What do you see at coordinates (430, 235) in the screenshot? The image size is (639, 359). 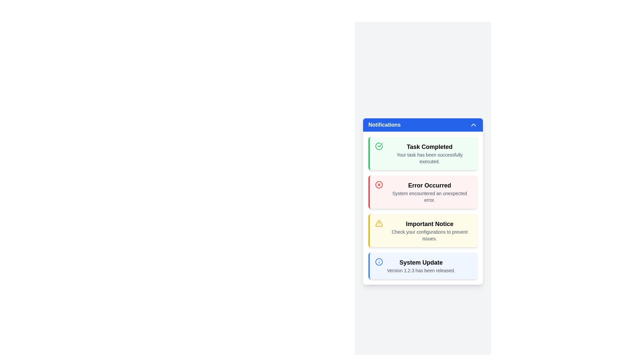 I see `the text label that displays the message 'Check your configurations to prevent issues.' located in the notification card labeled 'Important Notice'` at bounding box center [430, 235].